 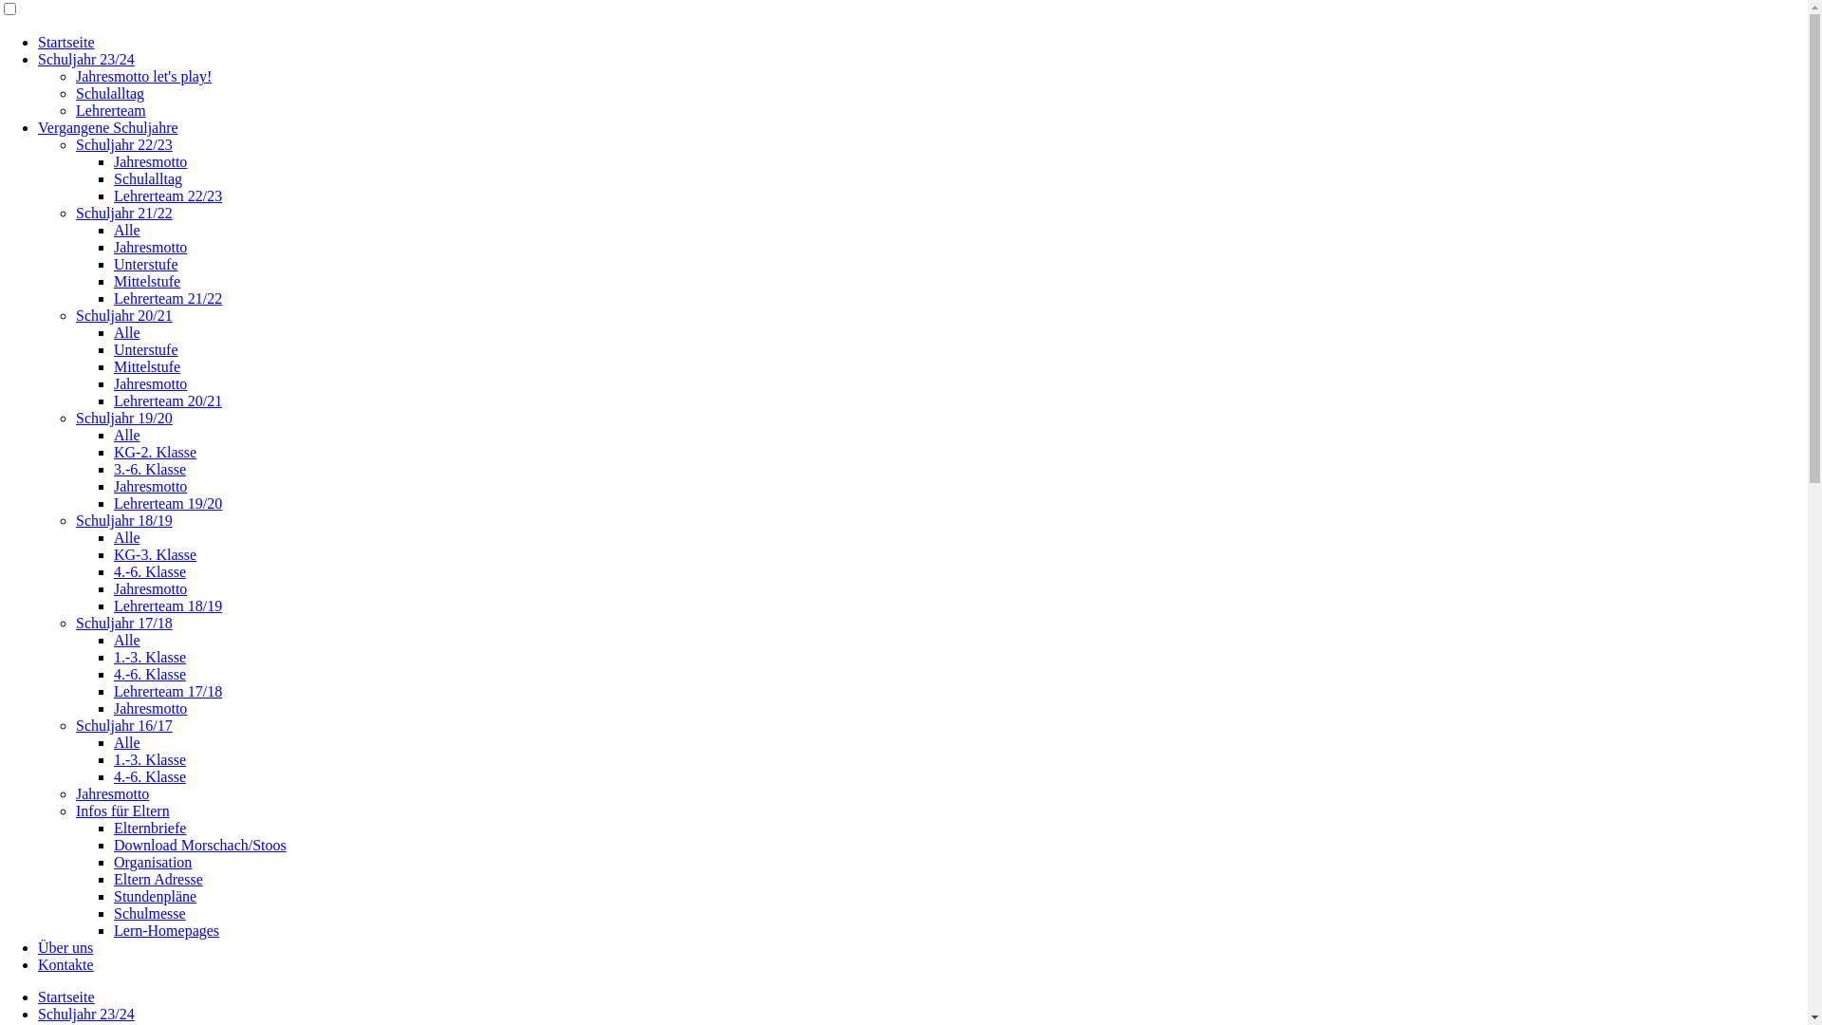 I want to click on '3.-6. Klasse', so click(x=113, y=469).